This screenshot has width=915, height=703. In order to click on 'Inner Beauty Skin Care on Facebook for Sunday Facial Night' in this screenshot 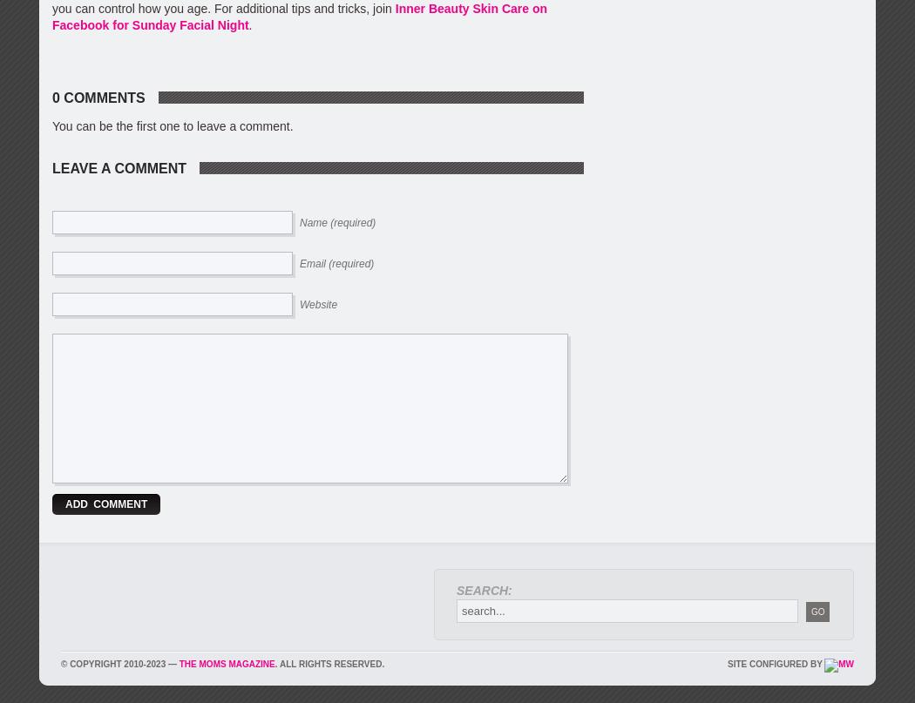, I will do `click(298, 16)`.